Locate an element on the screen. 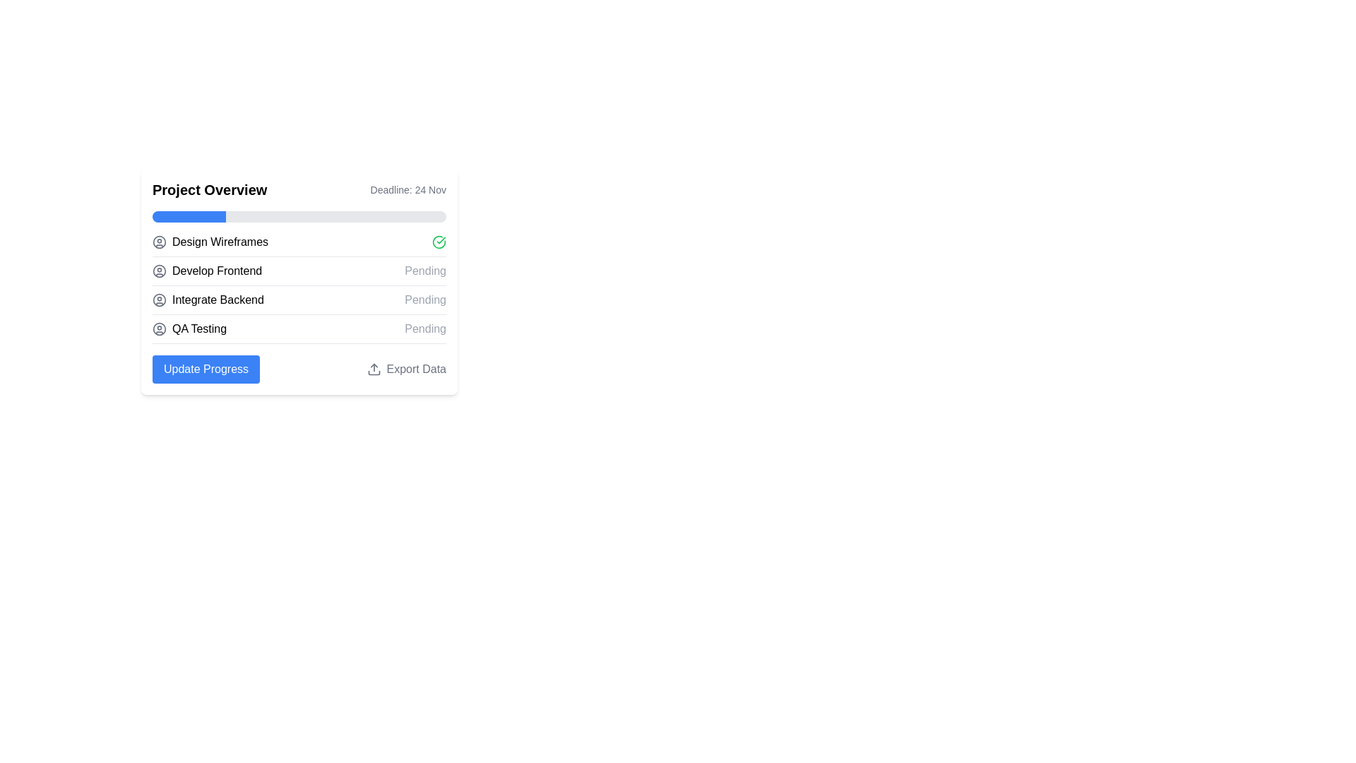 The height and width of the screenshot is (763, 1356). the 'Export Data' button which contains an upward arrow icon on its left side is located at coordinates (374, 369).